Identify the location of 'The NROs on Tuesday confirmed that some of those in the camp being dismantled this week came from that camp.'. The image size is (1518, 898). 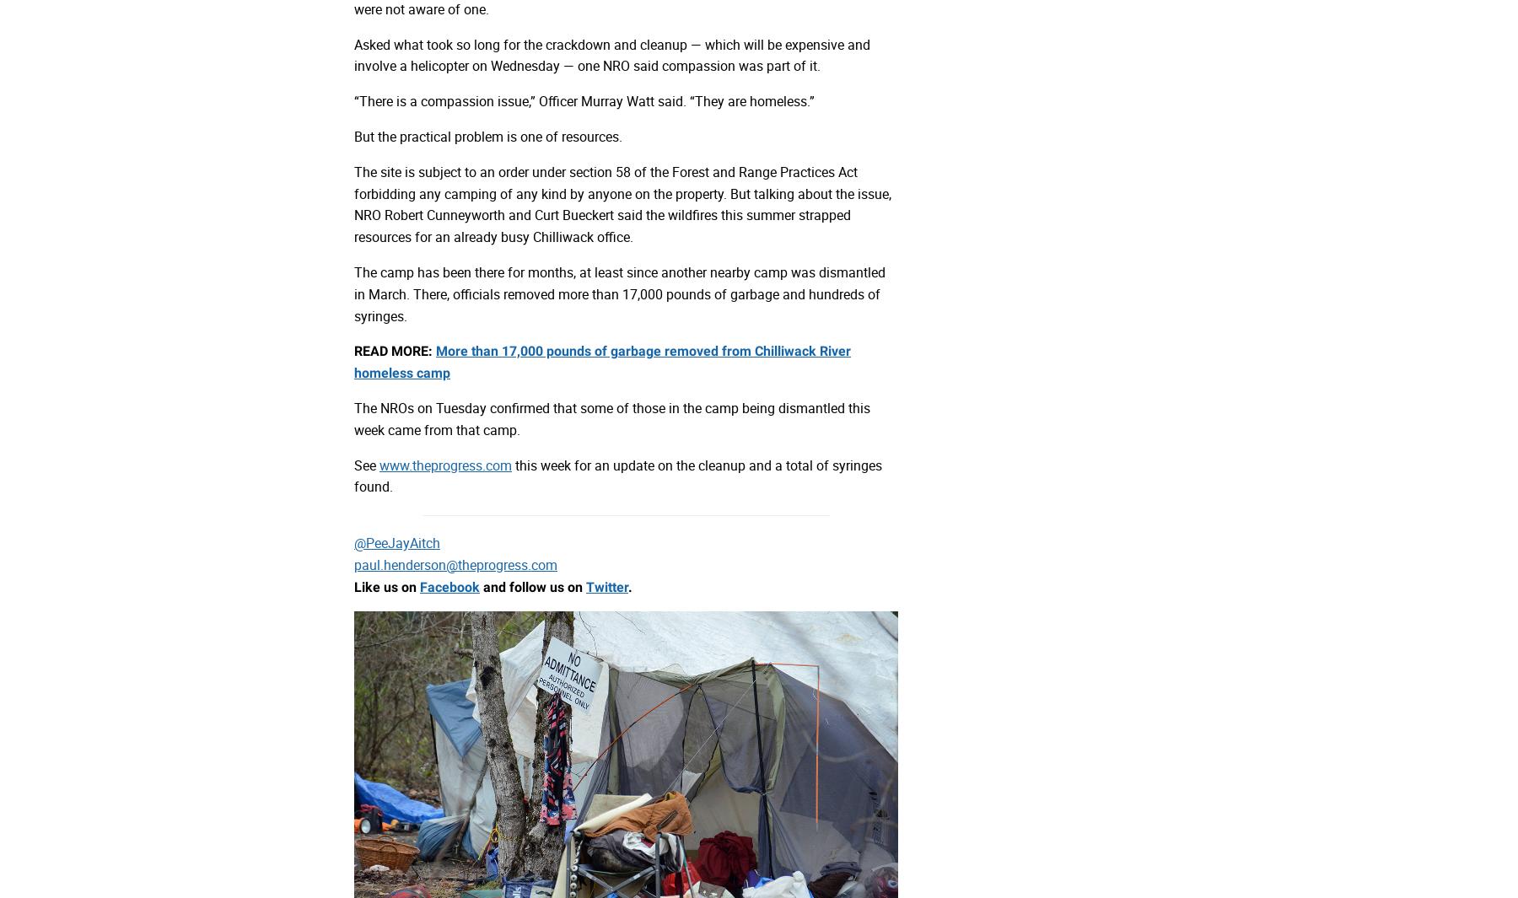
(353, 417).